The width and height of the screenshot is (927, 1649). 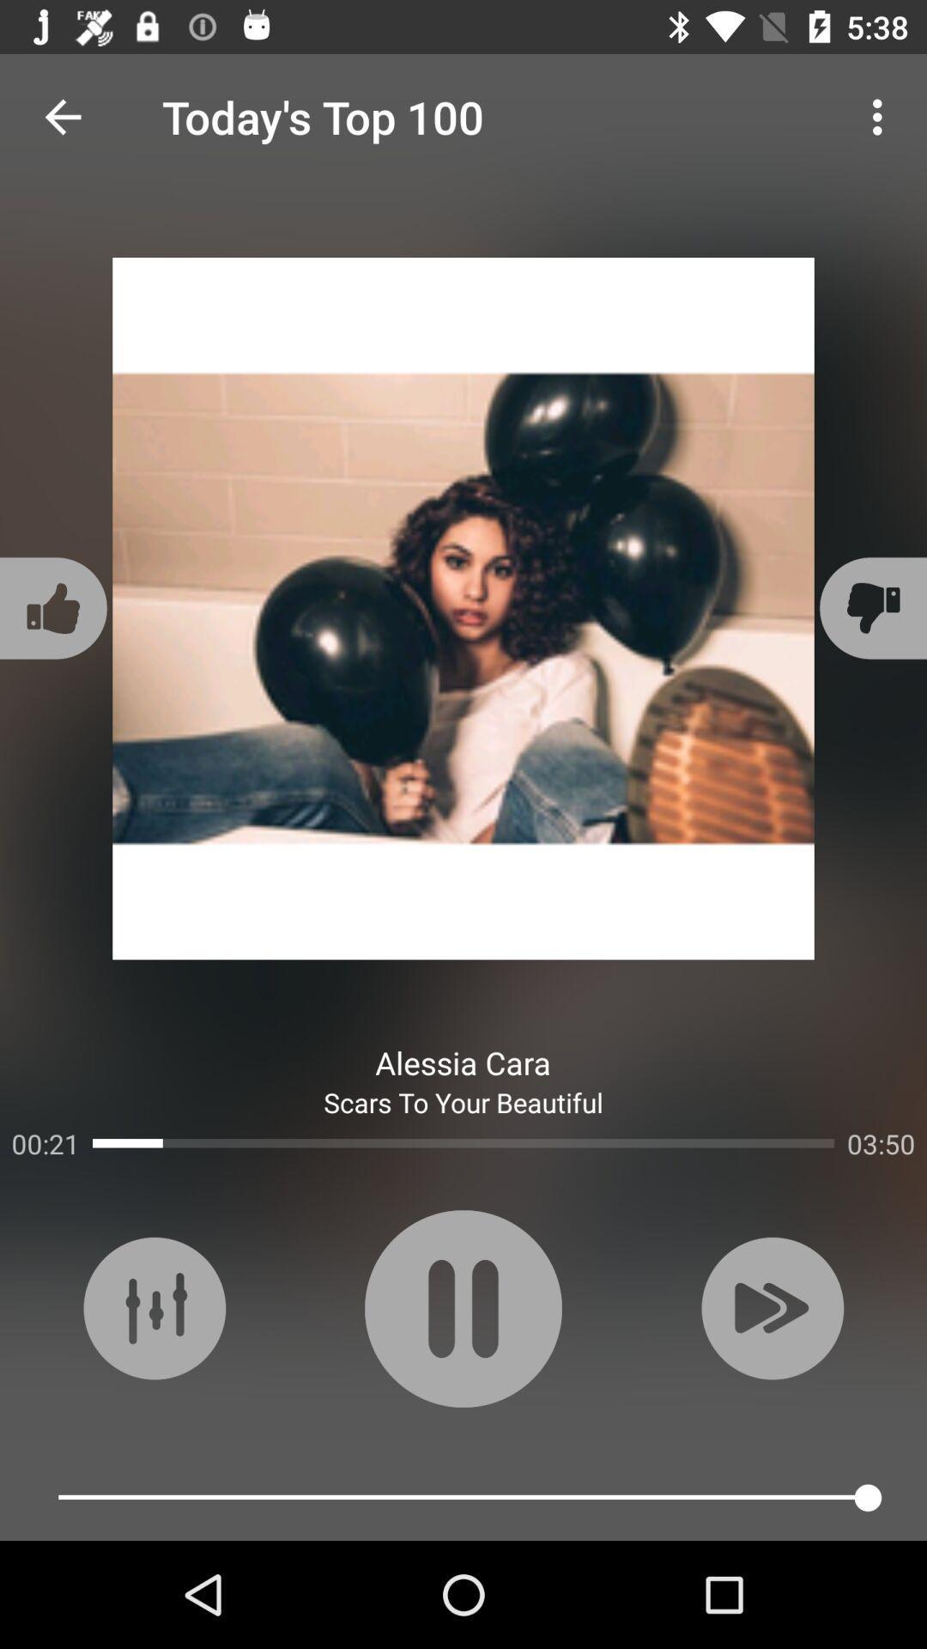 What do you see at coordinates (55, 608) in the screenshot?
I see `item above the 00:21 item` at bounding box center [55, 608].